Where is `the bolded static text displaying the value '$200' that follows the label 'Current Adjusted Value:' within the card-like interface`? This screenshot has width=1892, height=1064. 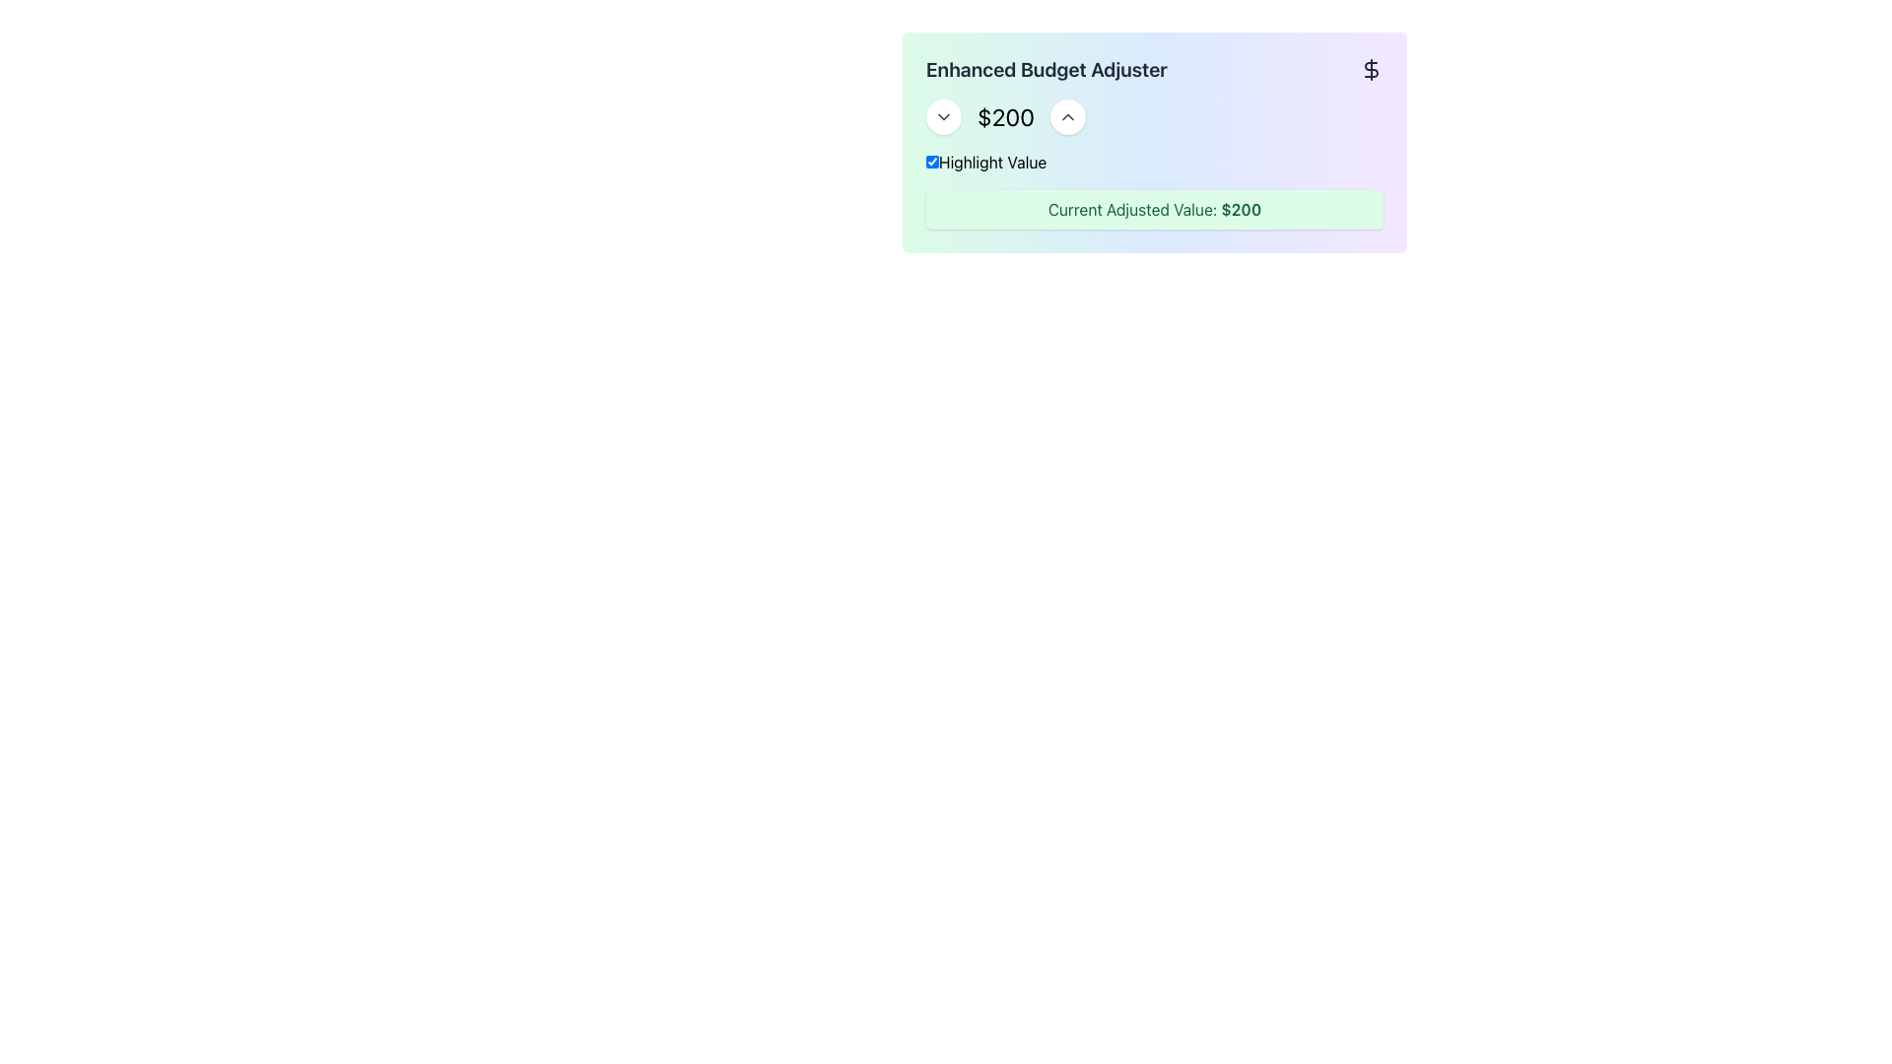
the bolded static text displaying the value '$200' that follows the label 'Current Adjusted Value:' within the card-like interface is located at coordinates (1240, 209).